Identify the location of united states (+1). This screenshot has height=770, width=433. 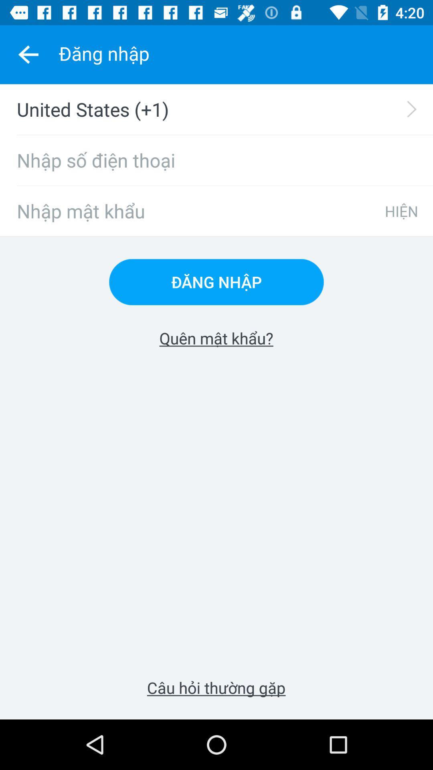
(222, 109).